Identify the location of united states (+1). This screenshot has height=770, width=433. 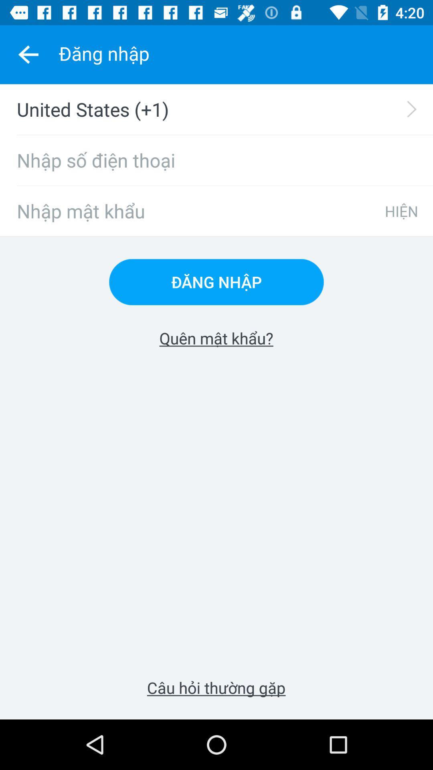
(222, 109).